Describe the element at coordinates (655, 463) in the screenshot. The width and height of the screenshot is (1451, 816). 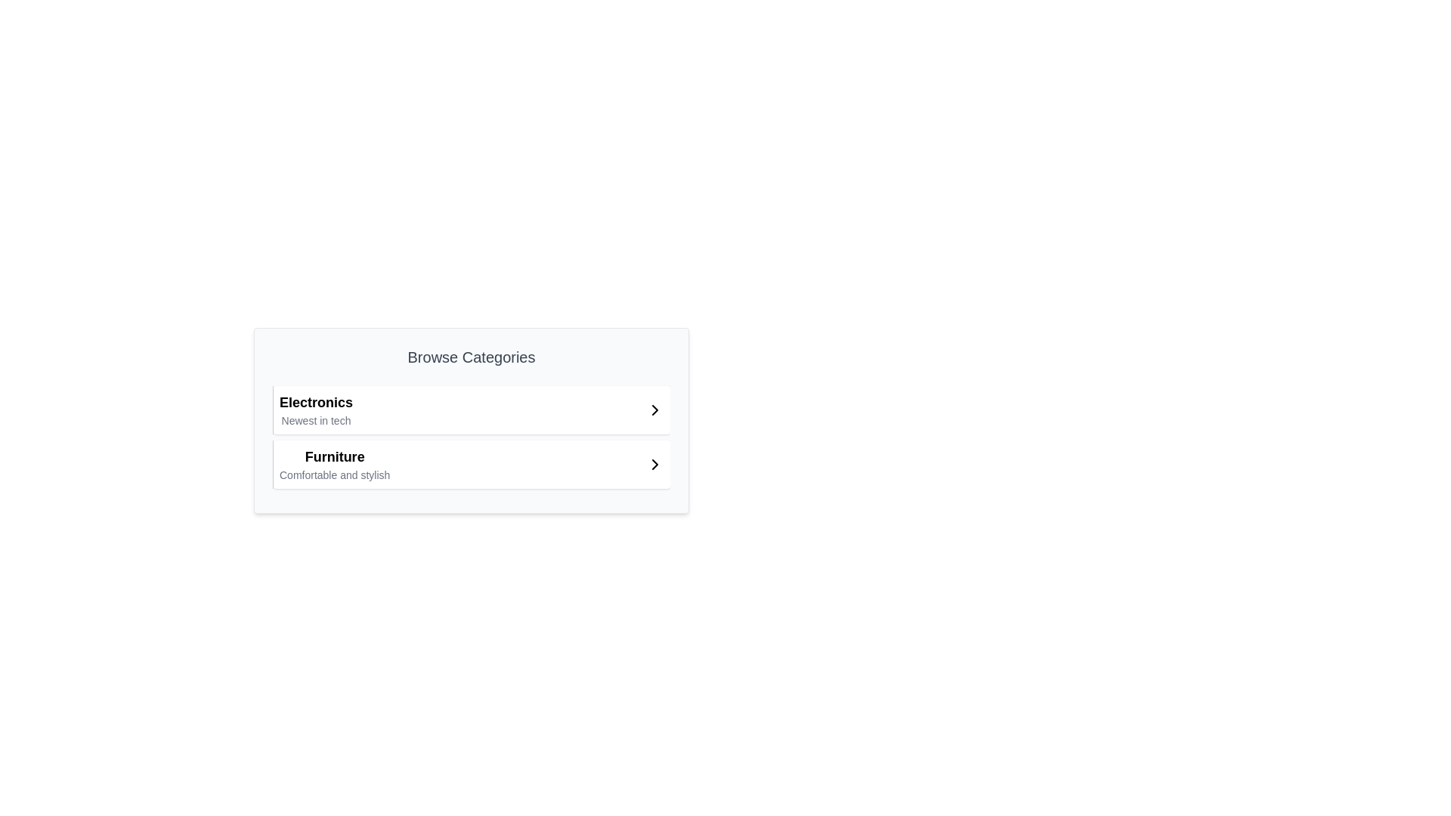
I see `the arrow-like icon pointing right located at the bottom of the 'Browse Categories' card` at that location.